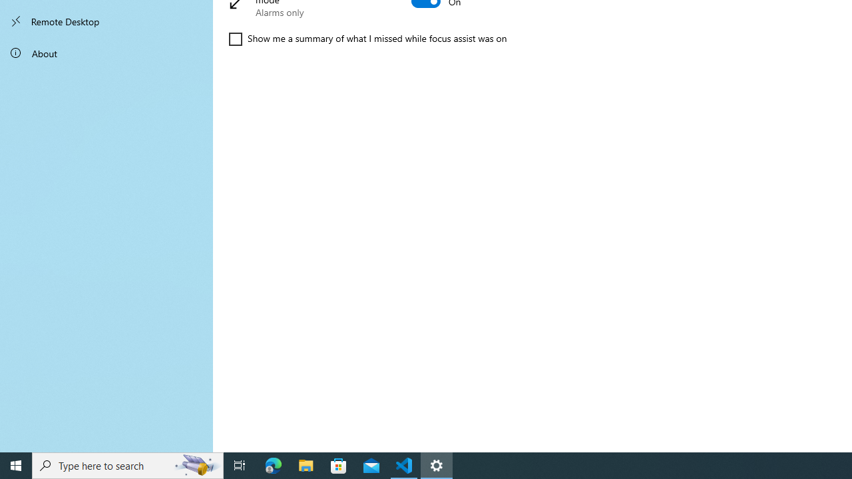  I want to click on 'Microsoft Store', so click(339, 464).